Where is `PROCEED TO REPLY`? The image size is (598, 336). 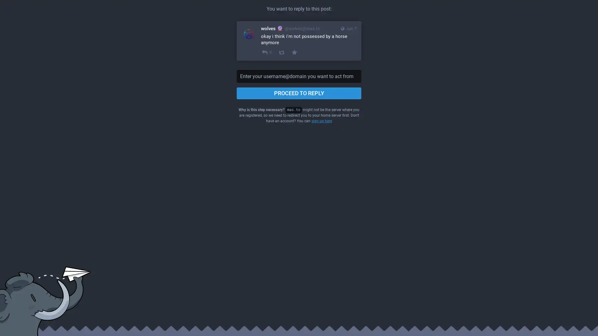
PROCEED TO REPLY is located at coordinates (299, 93).